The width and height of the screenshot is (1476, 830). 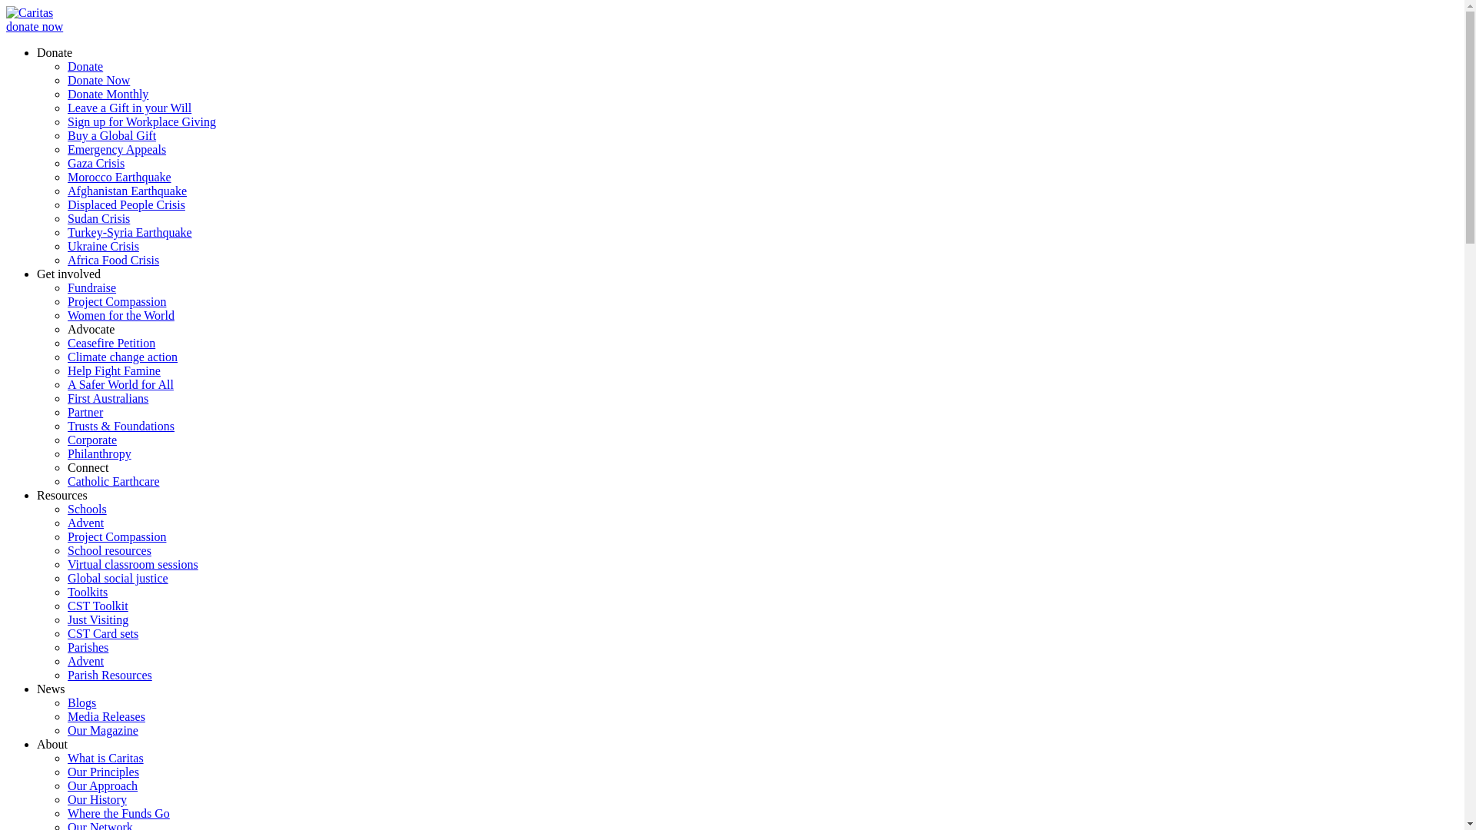 I want to click on 'Climate change action', so click(x=121, y=357).